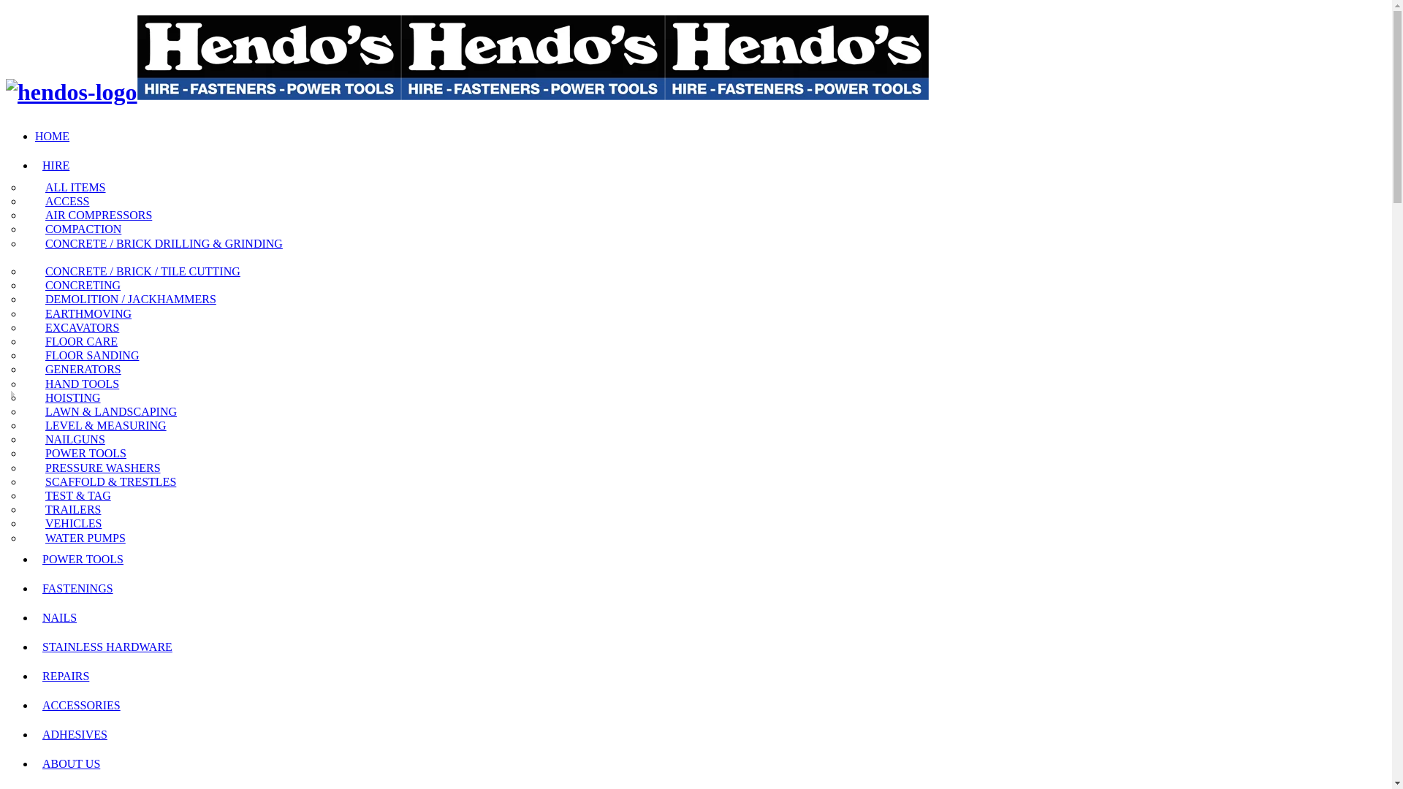 The image size is (1403, 789). I want to click on 'FASTENINGS', so click(77, 587).